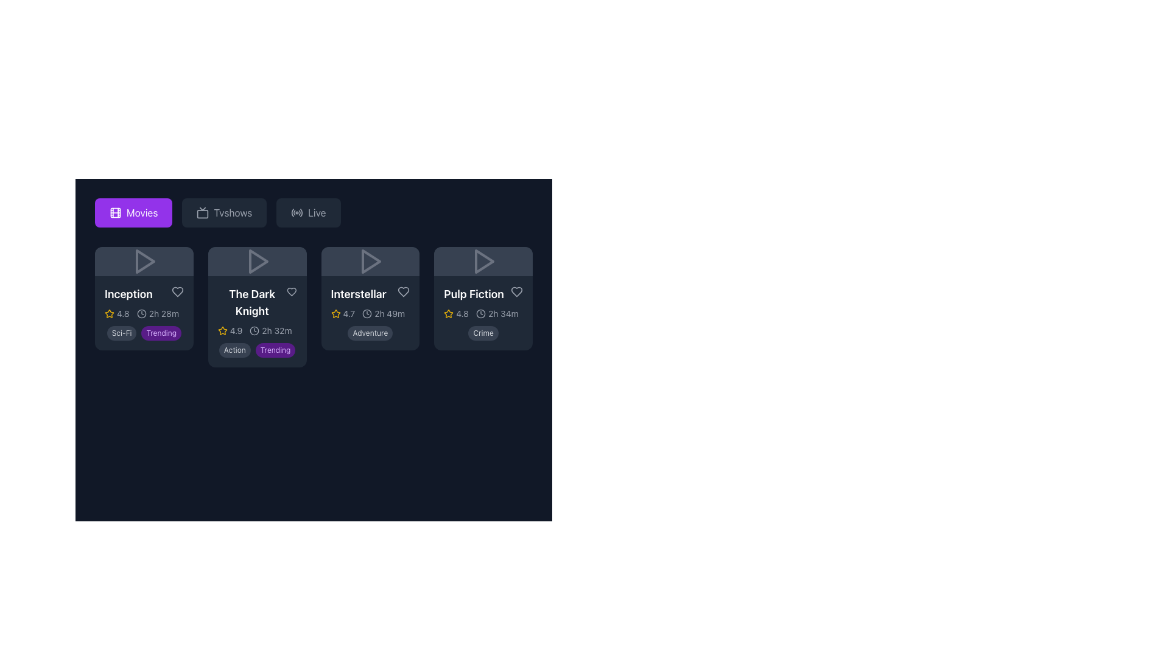  Describe the element at coordinates (144, 294) in the screenshot. I see `title text 'Inception' from the top-left corner of the movie card, which is prominently displayed in bold white font, above the rating and runtime information` at that location.